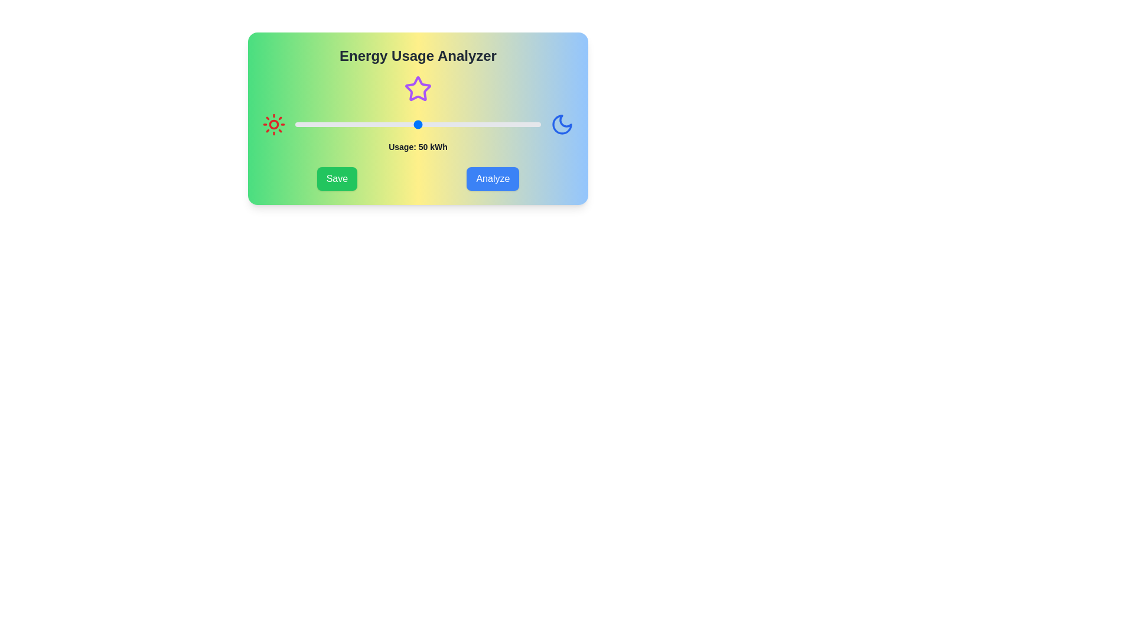 This screenshot has width=1134, height=638. Describe the element at coordinates (336, 179) in the screenshot. I see `the 'Save' button` at that location.